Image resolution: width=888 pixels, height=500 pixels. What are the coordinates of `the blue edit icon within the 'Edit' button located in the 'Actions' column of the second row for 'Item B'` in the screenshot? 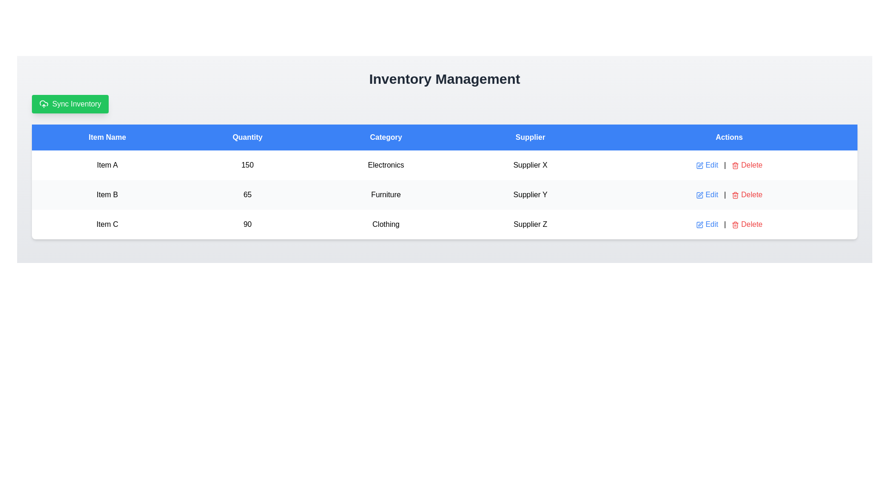 It's located at (699, 194).